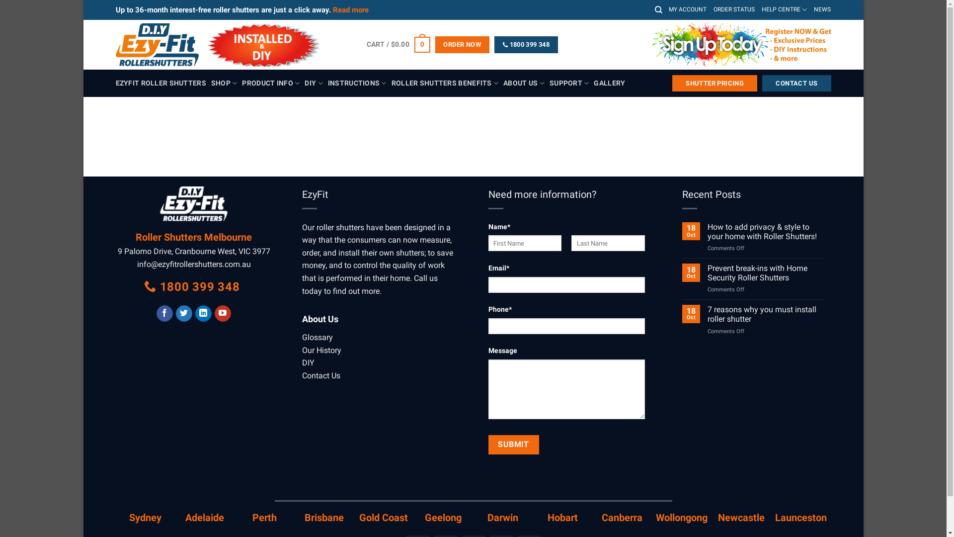 The width and height of the screenshot is (954, 537). I want to click on 'Prevent break-ins with Home Security Roller Shutters', so click(765, 272).